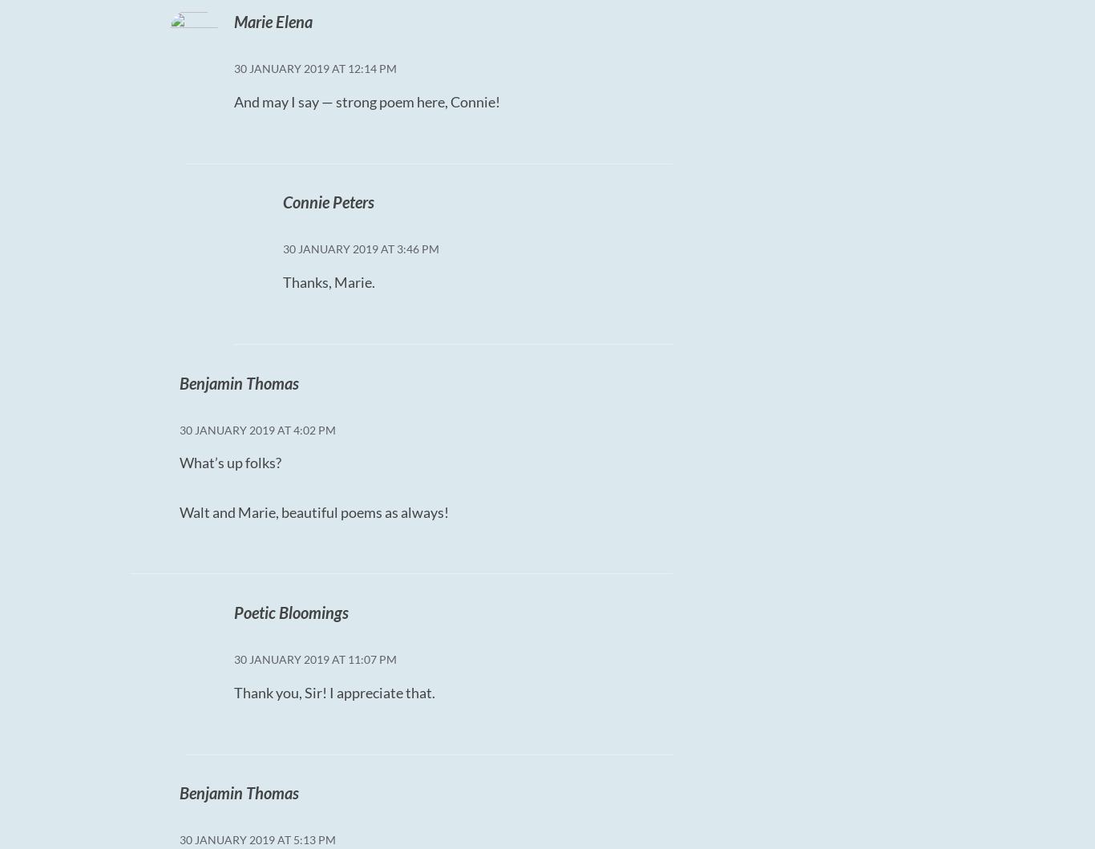 This screenshot has height=849, width=1095. I want to click on '30 January 2019 at 4:02 PM', so click(179, 428).